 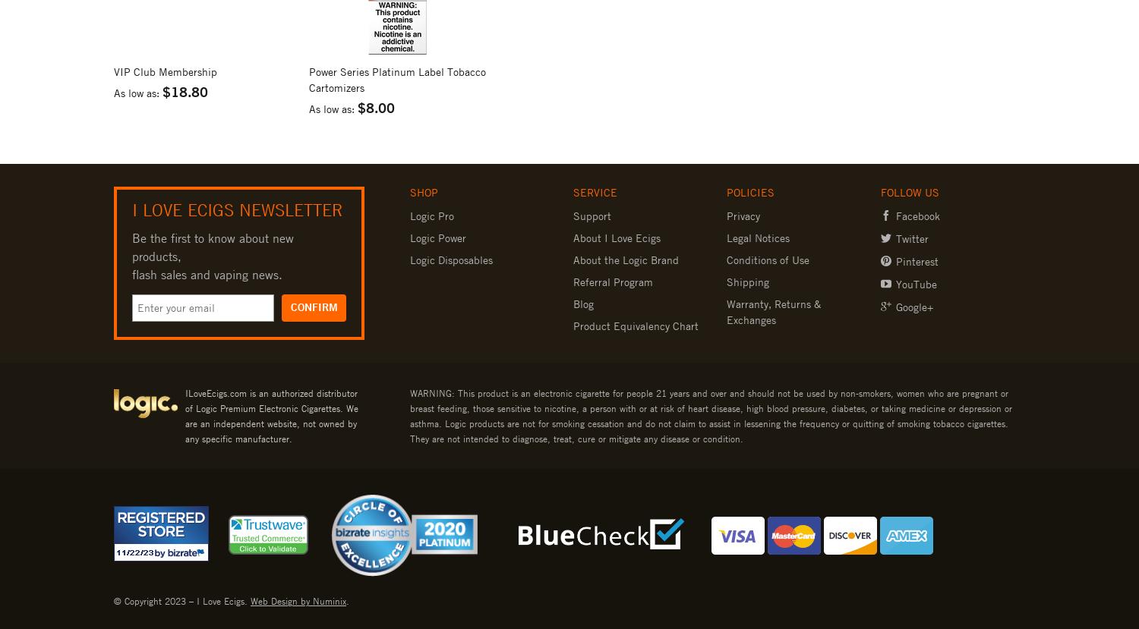 What do you see at coordinates (915, 281) in the screenshot?
I see `'YouTube'` at bounding box center [915, 281].